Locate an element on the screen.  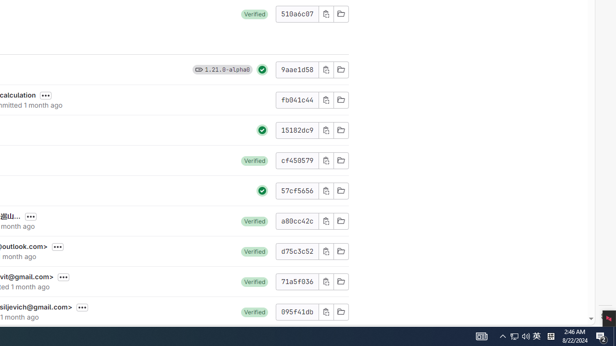
'Class: s16 gl-icon gl-button-icon ' is located at coordinates (326, 311).